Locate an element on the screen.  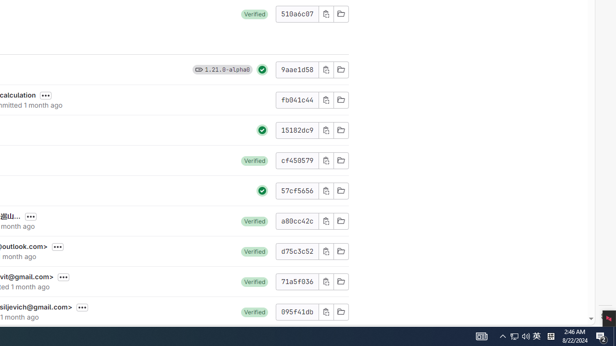
'Class: s16 gl-icon gl-button-icon ' is located at coordinates (326, 311).